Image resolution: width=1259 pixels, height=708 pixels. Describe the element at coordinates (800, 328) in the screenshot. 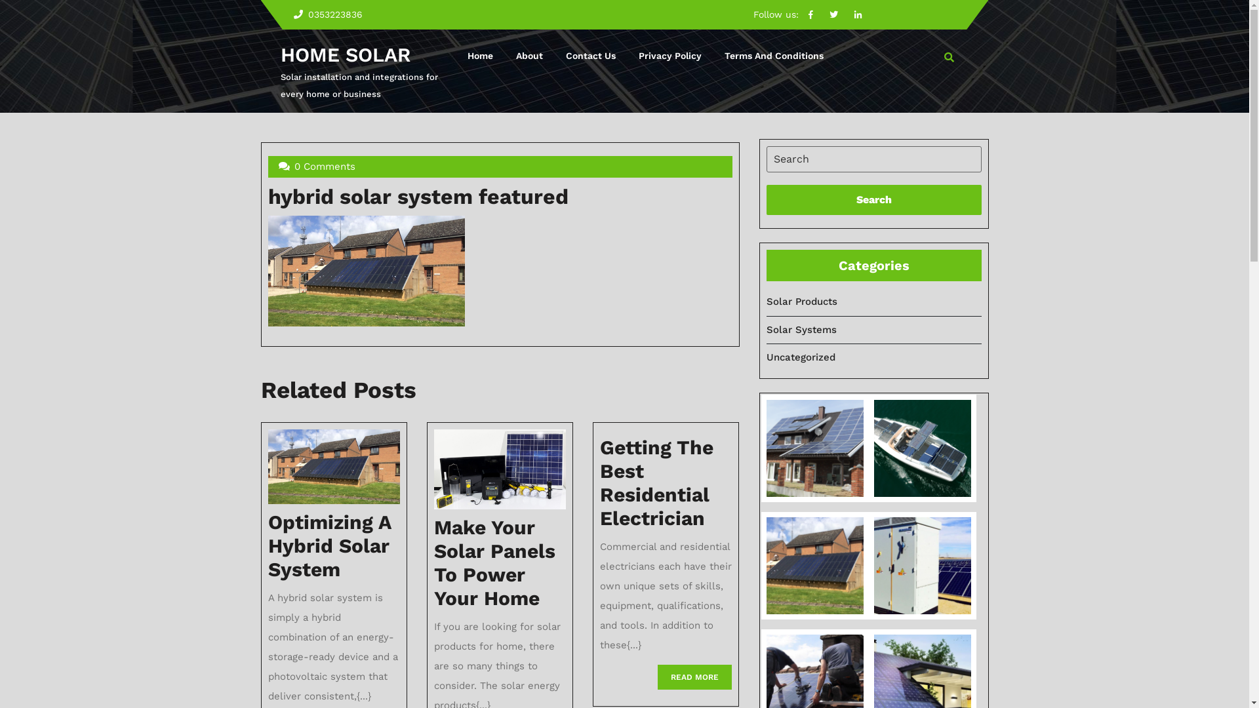

I see `'Solar Systems'` at that location.